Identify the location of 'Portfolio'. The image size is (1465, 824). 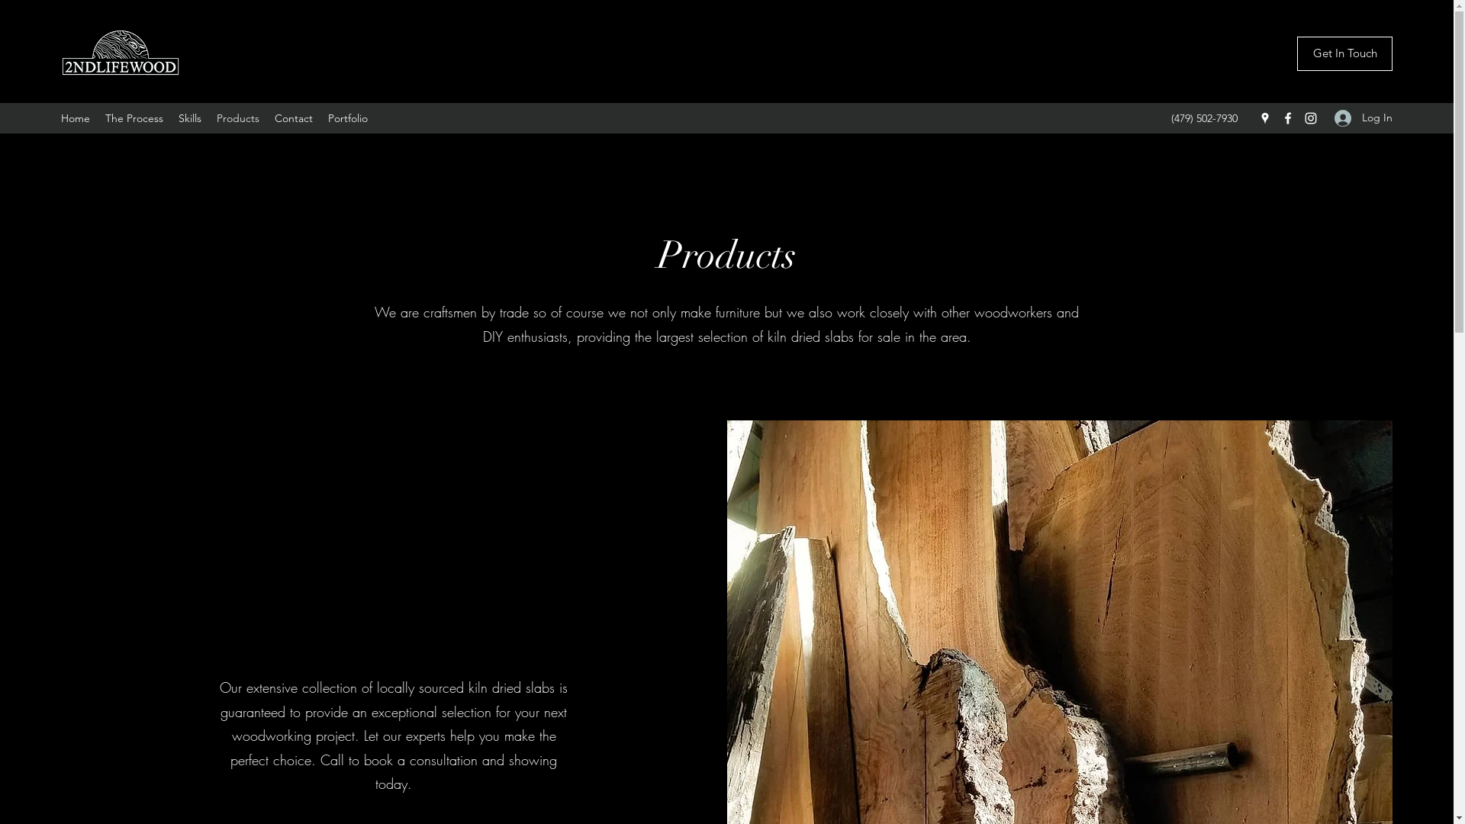
(320, 117).